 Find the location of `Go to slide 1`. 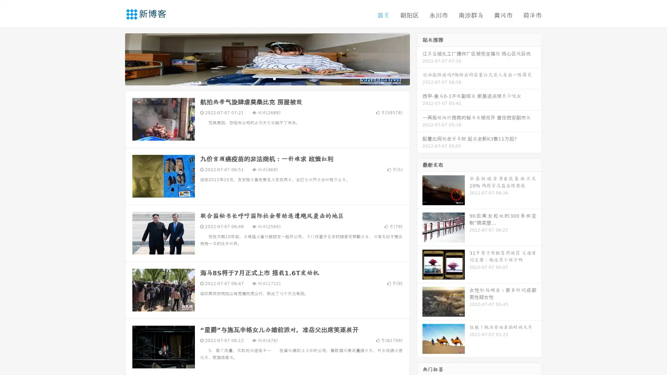

Go to slide 1 is located at coordinates (260, 78).